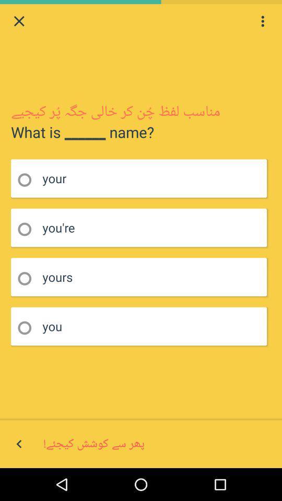  What do you see at coordinates (28, 327) in the screenshot?
I see `option` at bounding box center [28, 327].